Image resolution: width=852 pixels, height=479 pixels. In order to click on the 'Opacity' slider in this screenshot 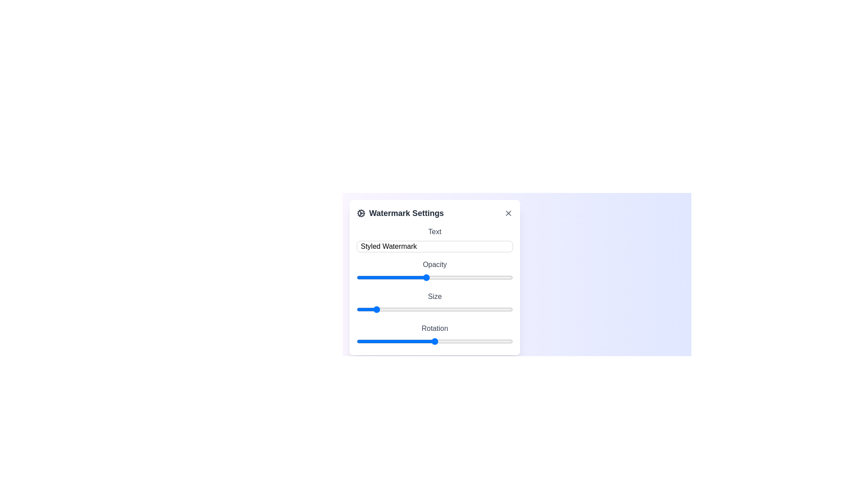, I will do `click(339, 277)`.